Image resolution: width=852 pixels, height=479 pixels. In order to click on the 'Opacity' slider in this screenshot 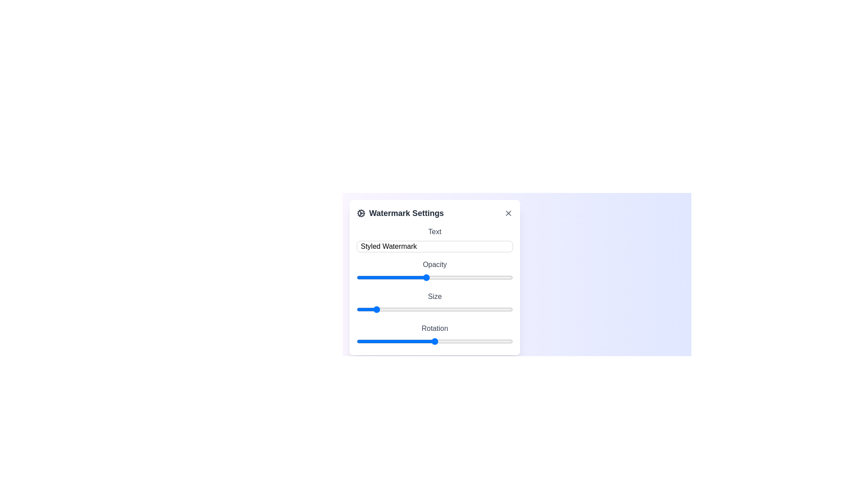, I will do `click(339, 277)`.